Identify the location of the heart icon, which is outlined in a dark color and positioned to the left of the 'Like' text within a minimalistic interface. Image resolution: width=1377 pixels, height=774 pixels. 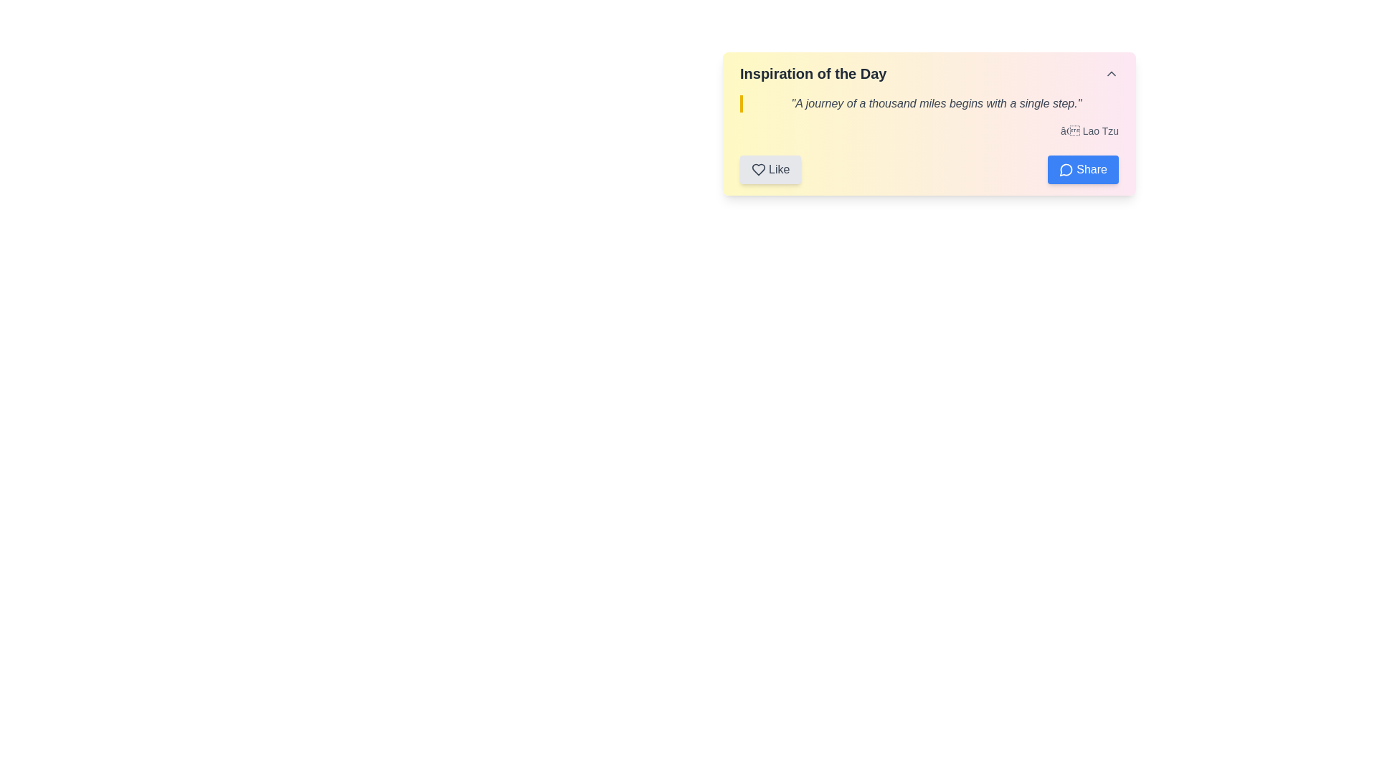
(757, 168).